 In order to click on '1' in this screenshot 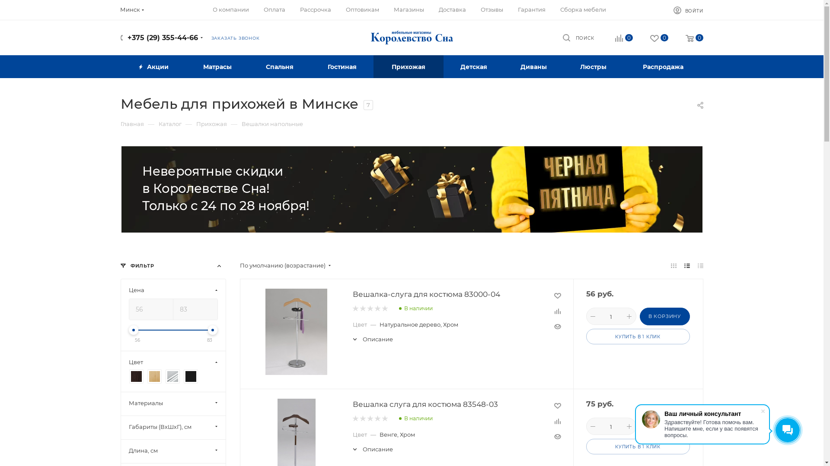, I will do `click(355, 308)`.